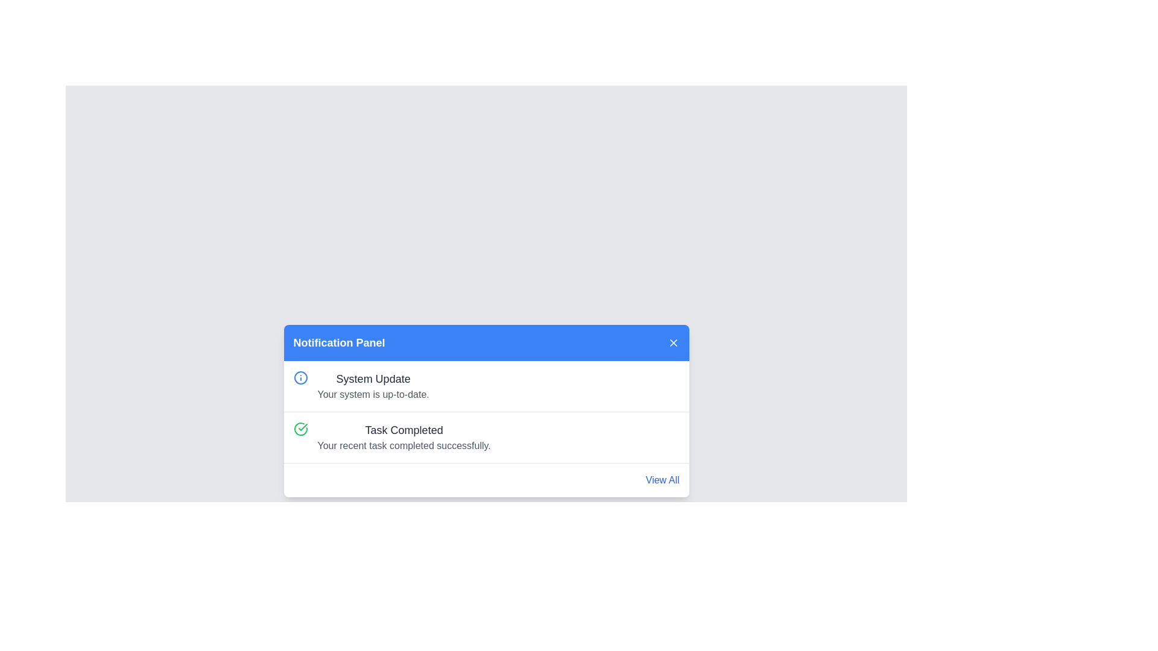 This screenshot has width=1158, height=651. Describe the element at coordinates (303, 427) in the screenshot. I see `the green checkmark icon located beside the 'Task Completed' text in the notification panel` at that location.